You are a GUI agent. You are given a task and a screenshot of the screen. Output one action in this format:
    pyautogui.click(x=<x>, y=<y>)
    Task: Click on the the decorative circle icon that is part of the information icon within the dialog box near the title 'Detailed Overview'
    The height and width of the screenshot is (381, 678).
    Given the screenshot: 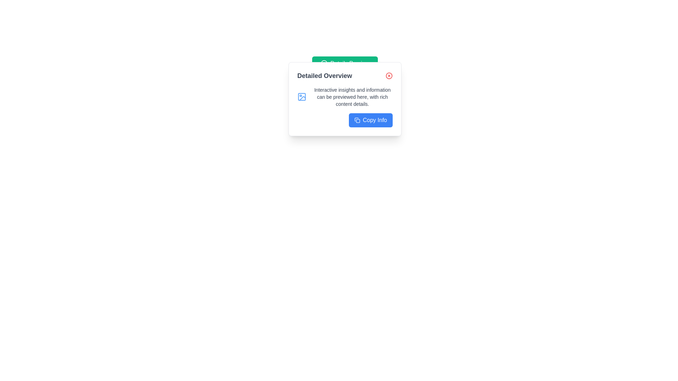 What is the action you would take?
    pyautogui.click(x=323, y=64)
    